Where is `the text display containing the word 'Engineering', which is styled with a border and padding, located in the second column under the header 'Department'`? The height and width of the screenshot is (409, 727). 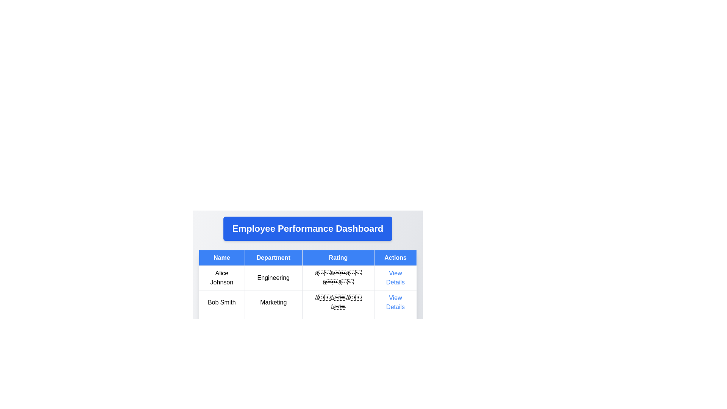 the text display containing the word 'Engineering', which is styled with a border and padding, located in the second column under the header 'Department' is located at coordinates (273, 278).